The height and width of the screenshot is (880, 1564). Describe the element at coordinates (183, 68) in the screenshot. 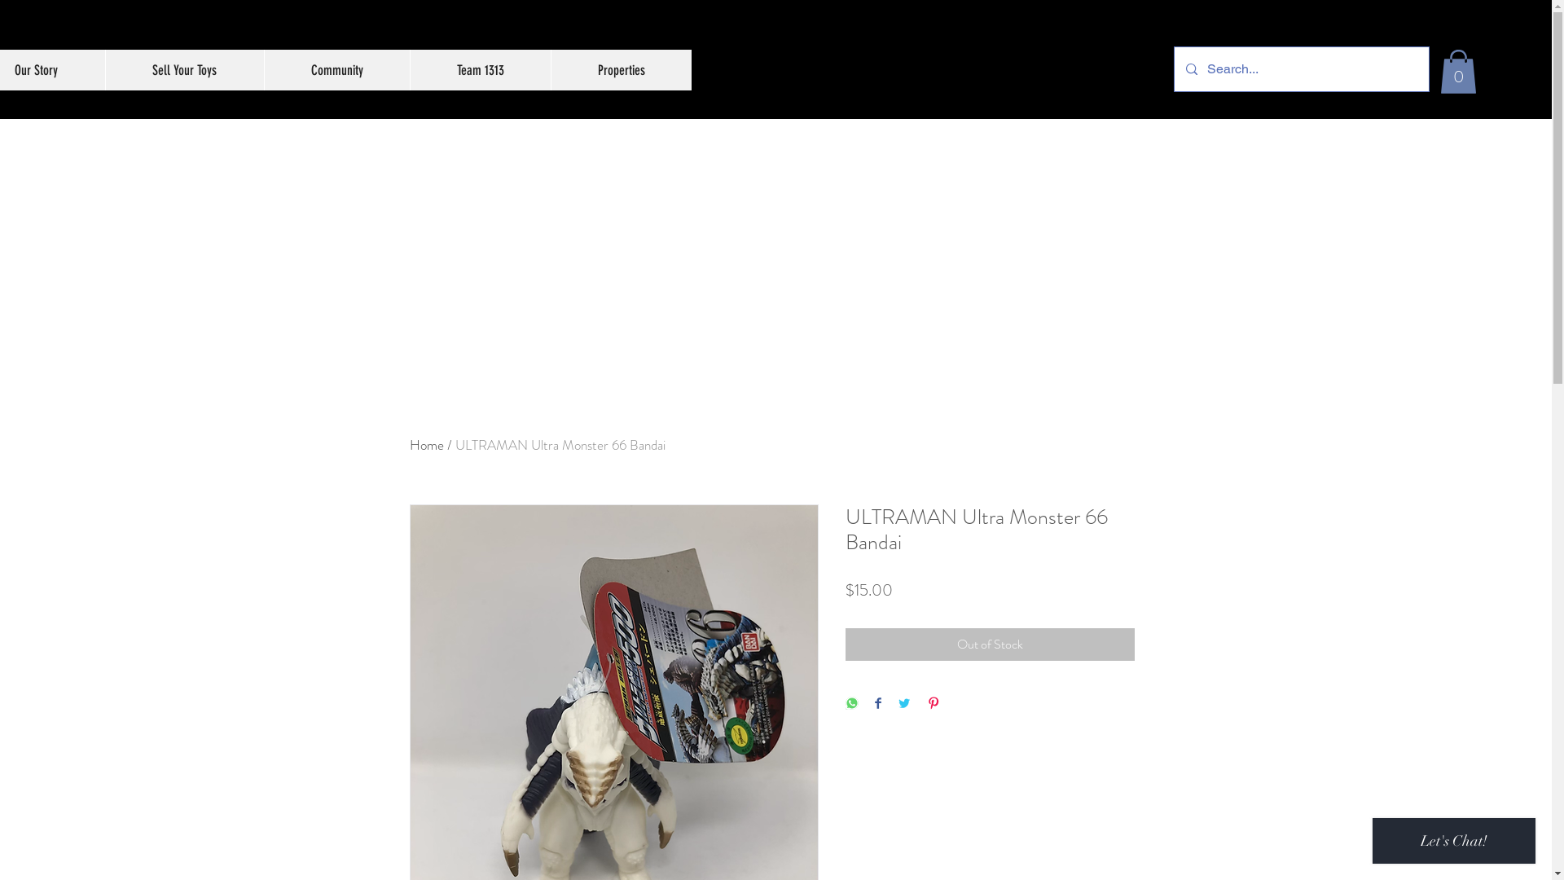

I see `'Sell Your Toys'` at that location.